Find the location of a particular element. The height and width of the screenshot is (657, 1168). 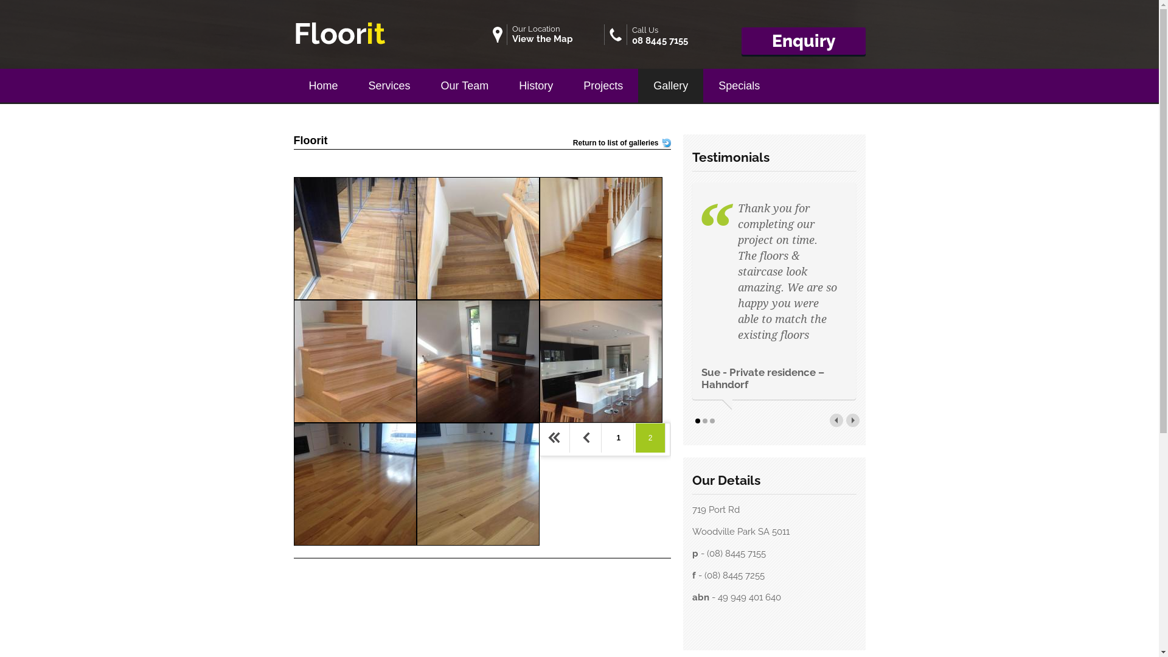

'History' is located at coordinates (504, 83).